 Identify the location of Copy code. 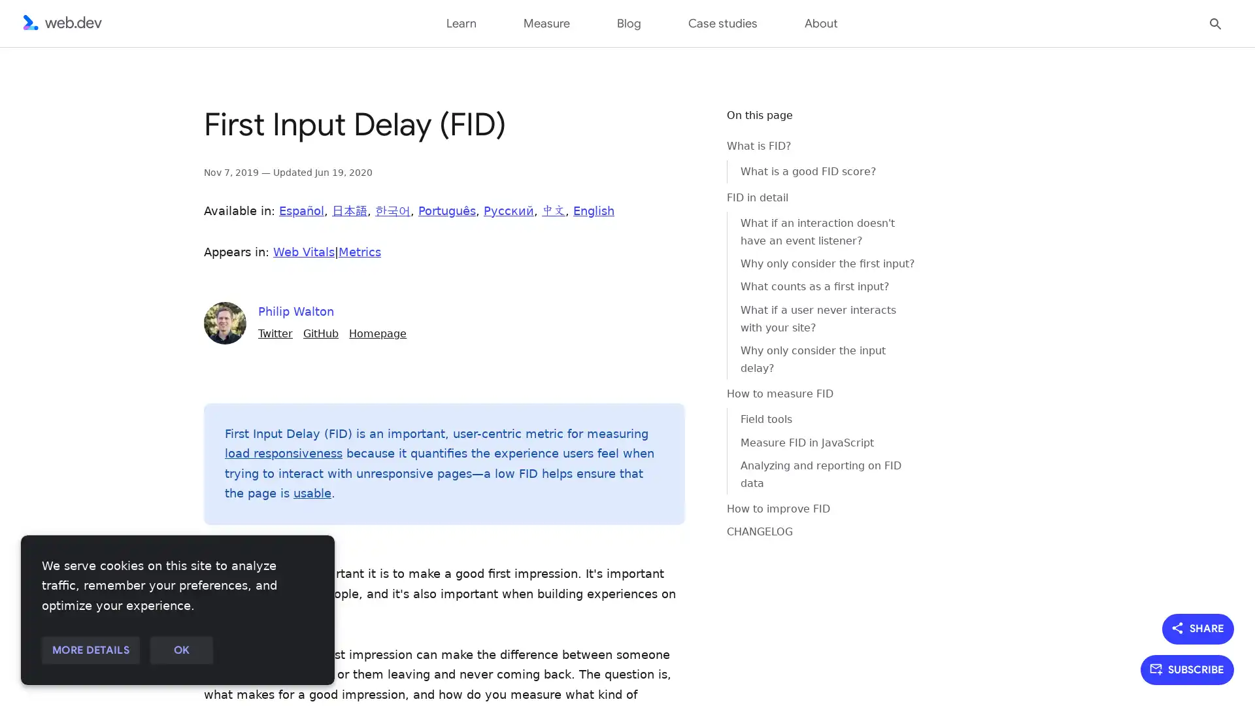
(684, 126).